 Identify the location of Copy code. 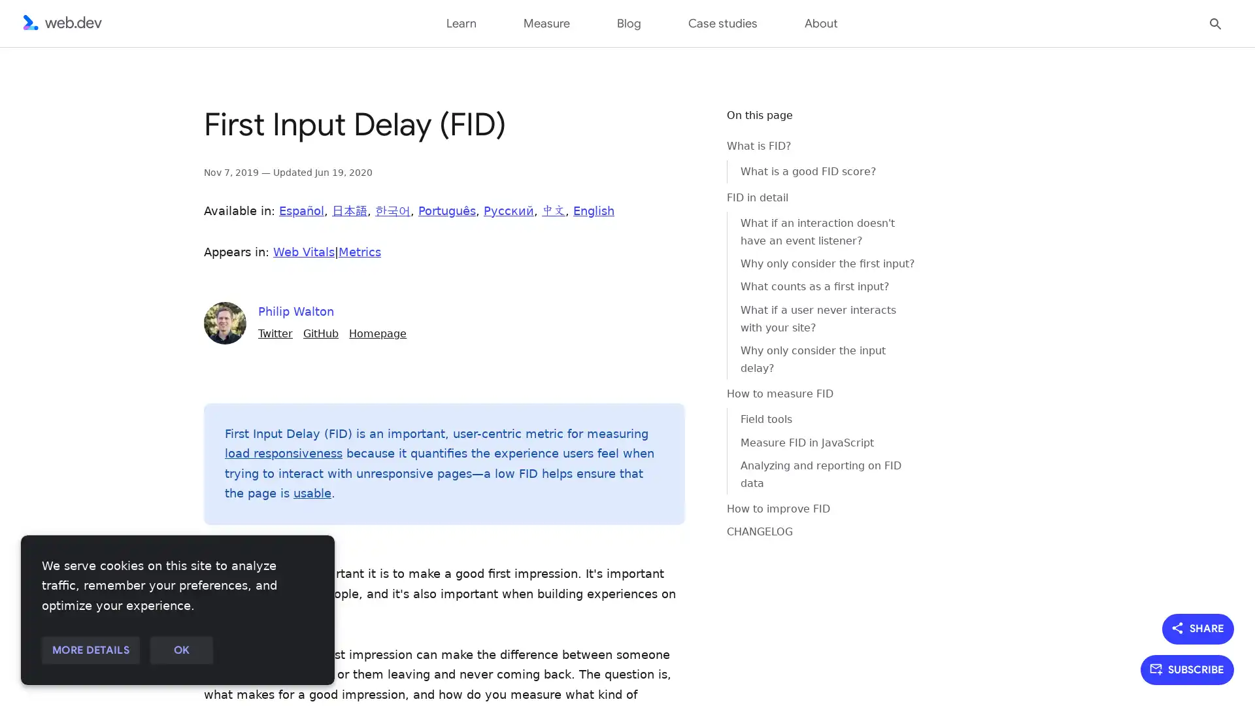
(684, 126).